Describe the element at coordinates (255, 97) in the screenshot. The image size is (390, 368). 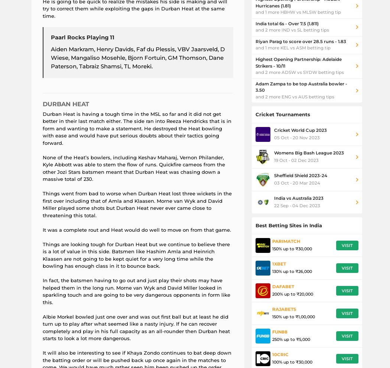
I see `'and 2 more ENG vs AUS betting tips'` at that location.